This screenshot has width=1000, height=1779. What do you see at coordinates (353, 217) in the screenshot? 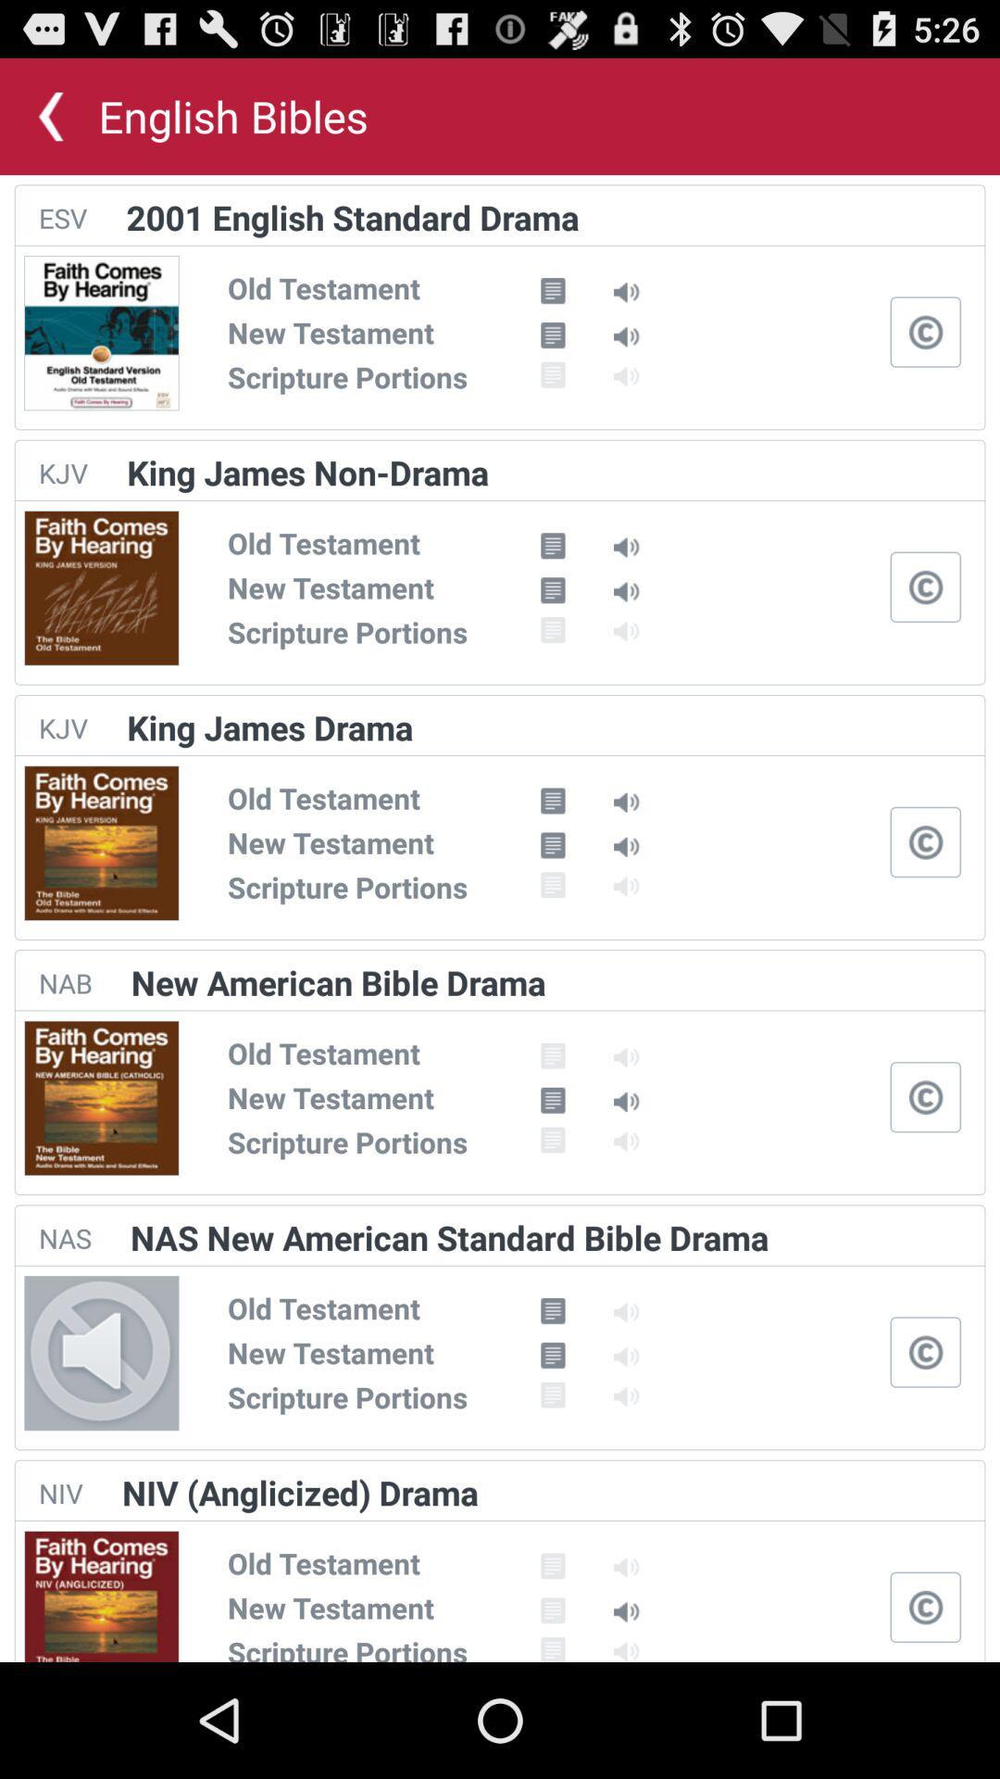
I see `icon to the right of the esv` at bounding box center [353, 217].